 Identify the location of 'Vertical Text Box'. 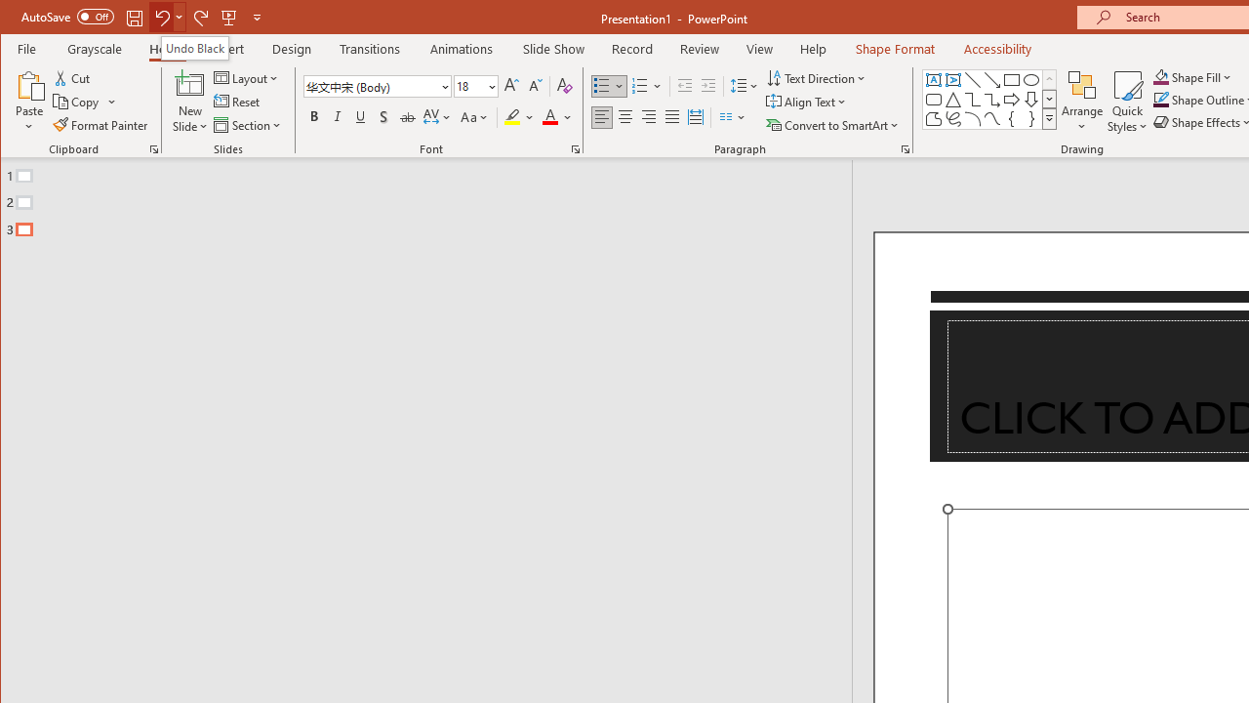
(952, 79).